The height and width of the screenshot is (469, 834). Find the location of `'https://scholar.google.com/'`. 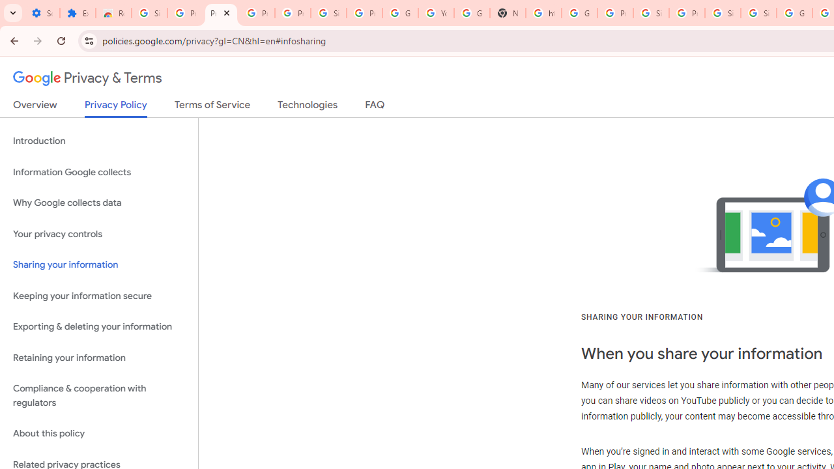

'https://scholar.google.com/' is located at coordinates (543, 13).